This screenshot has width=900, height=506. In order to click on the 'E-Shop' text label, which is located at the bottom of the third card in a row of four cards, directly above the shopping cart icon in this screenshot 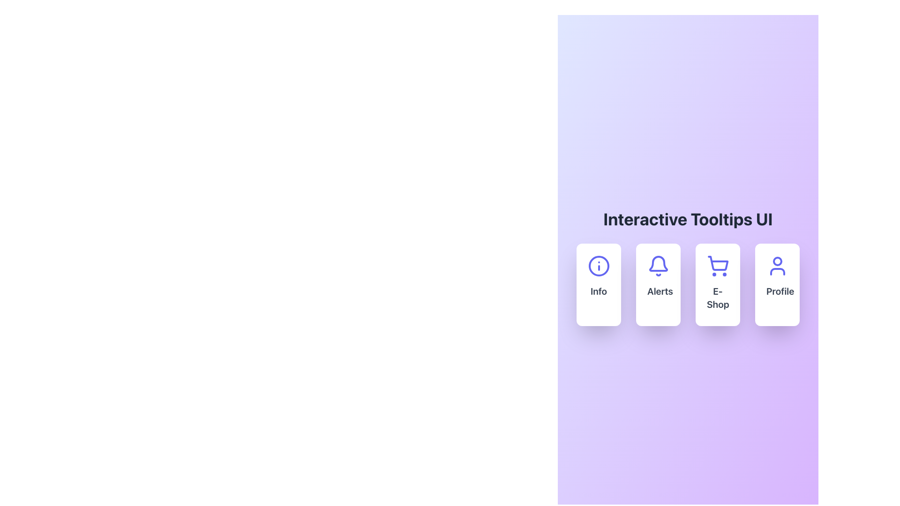, I will do `click(717, 298)`.